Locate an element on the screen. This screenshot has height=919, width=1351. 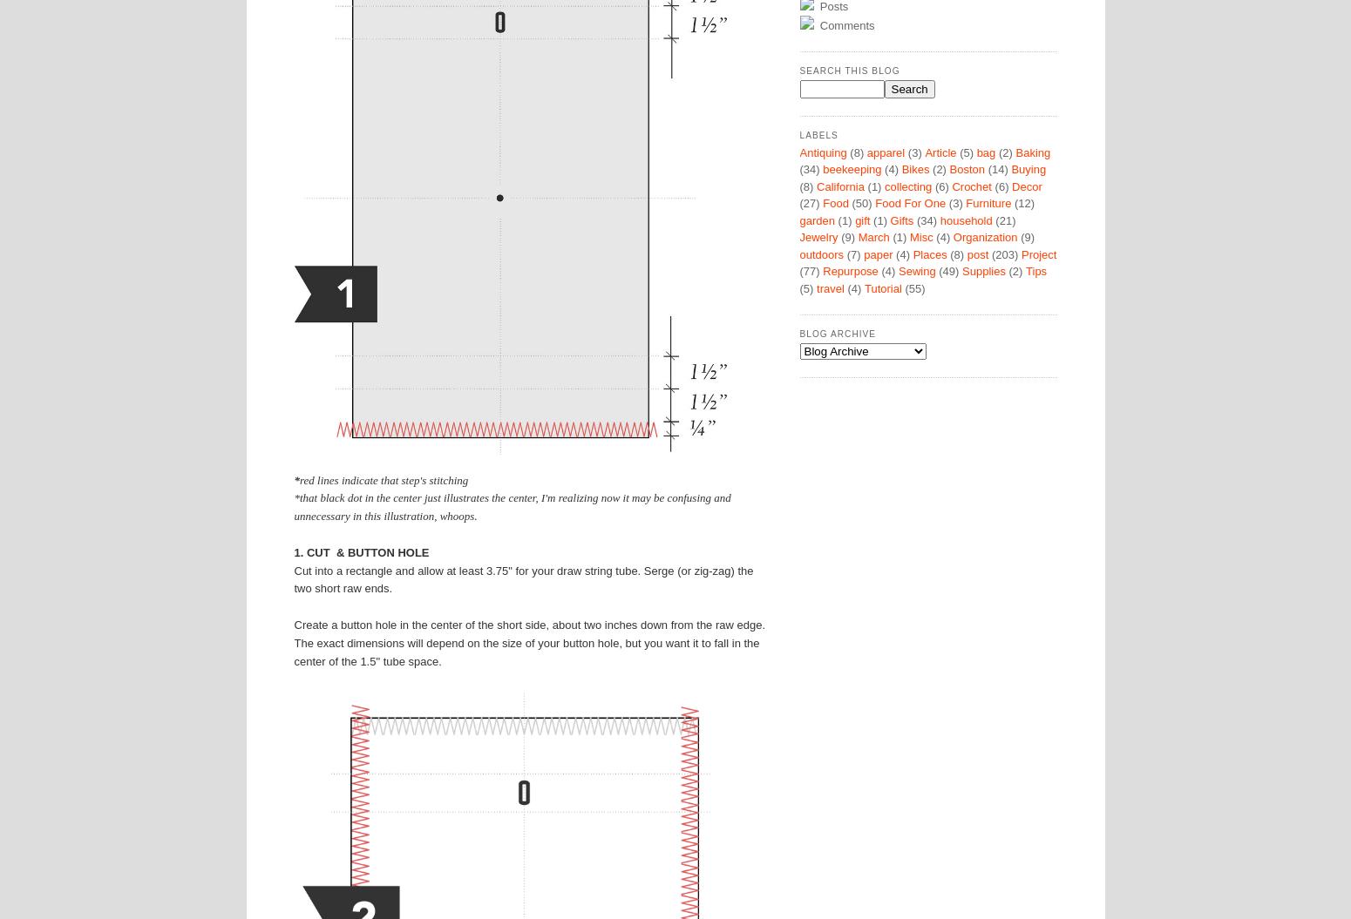
'(203)' is located at coordinates (1004, 253).